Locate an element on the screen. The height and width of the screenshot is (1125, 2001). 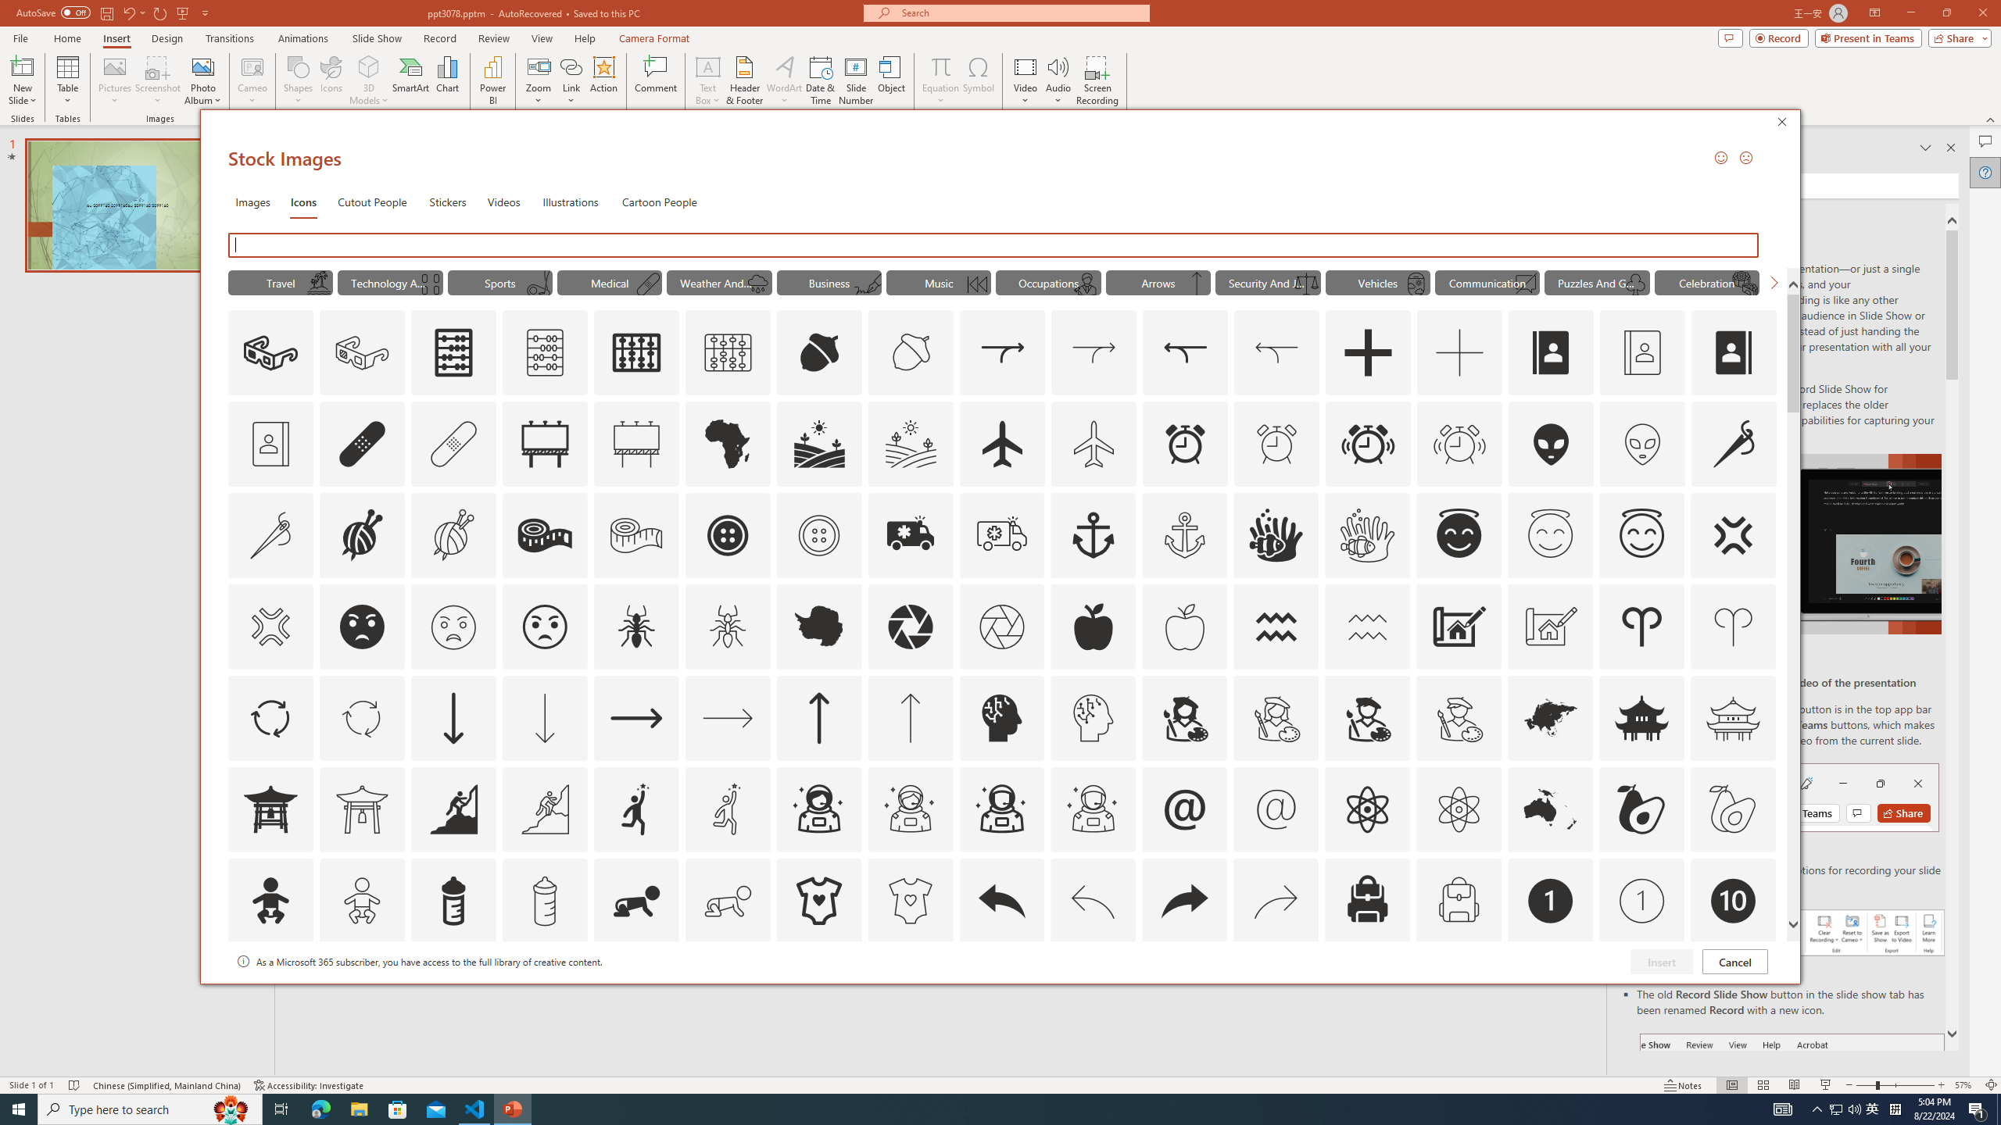
'AutomationID: Icons_Agriculture' is located at coordinates (819, 443).